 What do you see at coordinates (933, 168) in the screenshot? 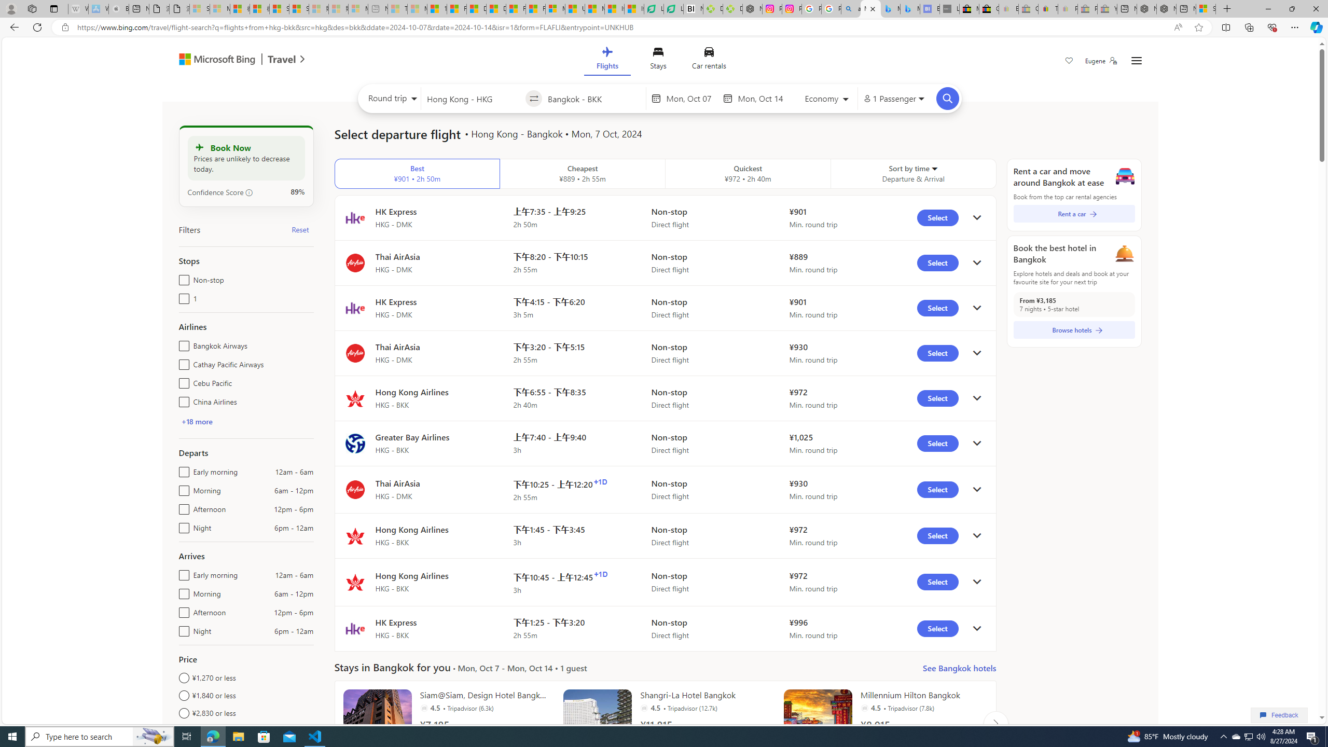
I see `'Sorter'` at bounding box center [933, 168].